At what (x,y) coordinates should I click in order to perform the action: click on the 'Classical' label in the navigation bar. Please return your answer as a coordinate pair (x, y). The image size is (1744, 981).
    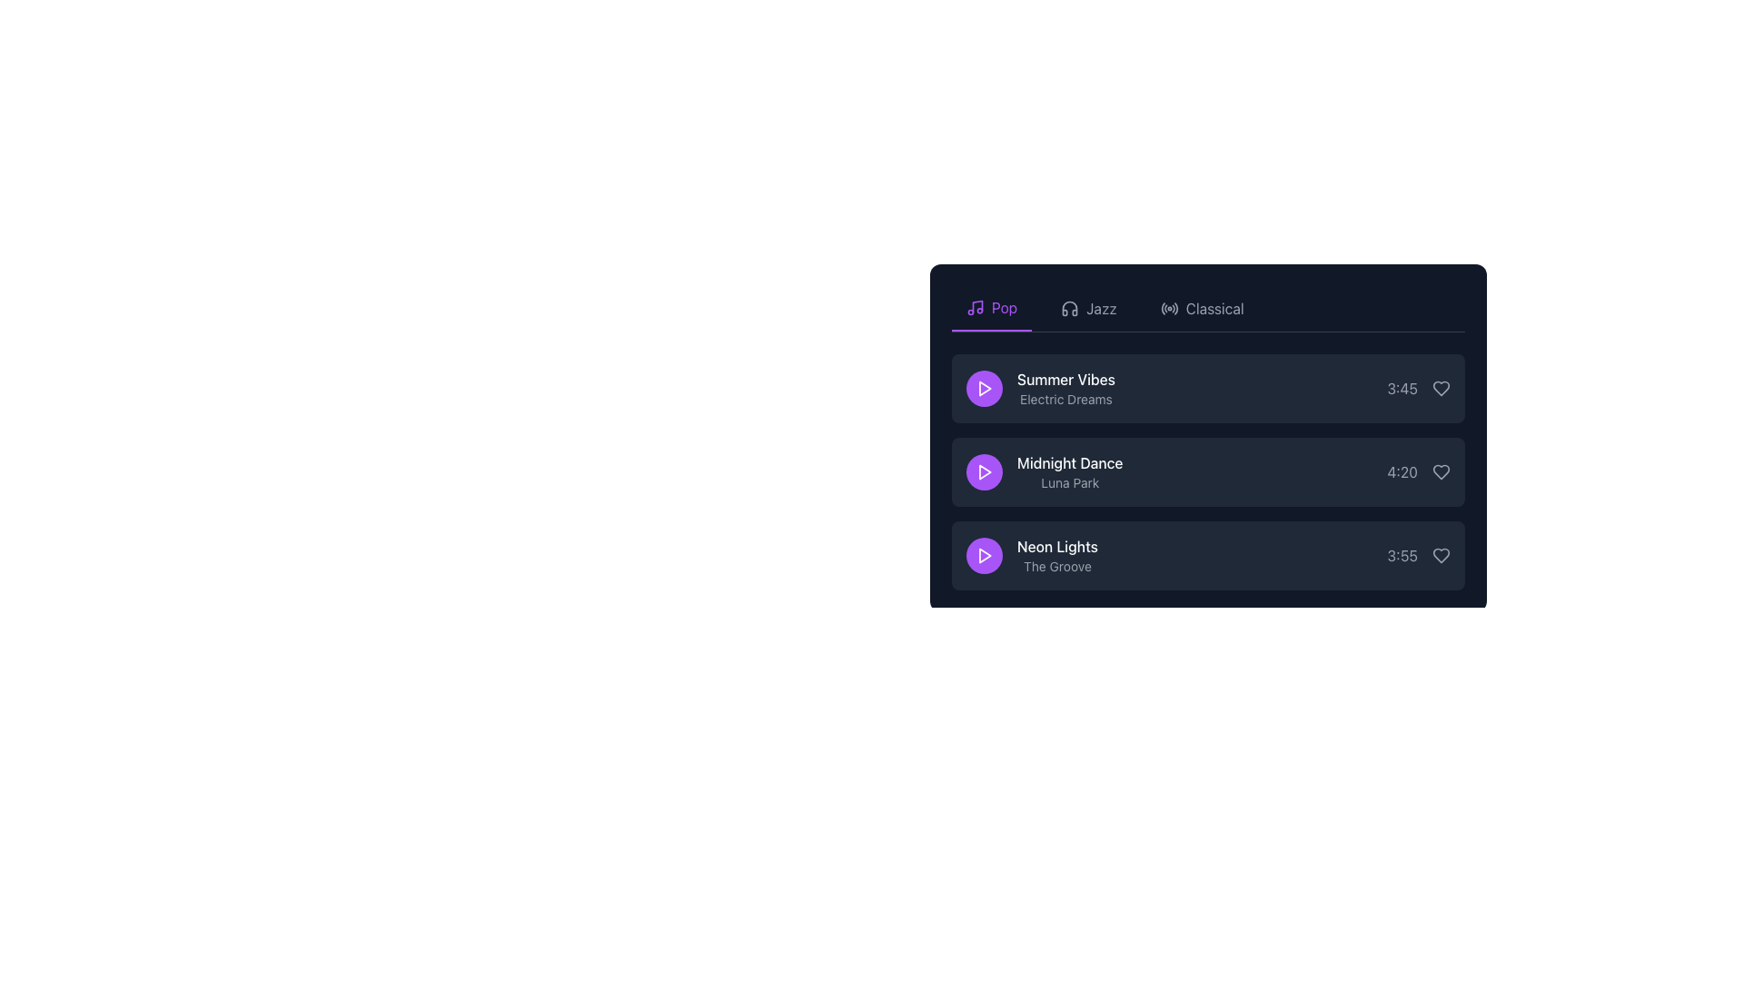
    Looking at the image, I should click on (1214, 307).